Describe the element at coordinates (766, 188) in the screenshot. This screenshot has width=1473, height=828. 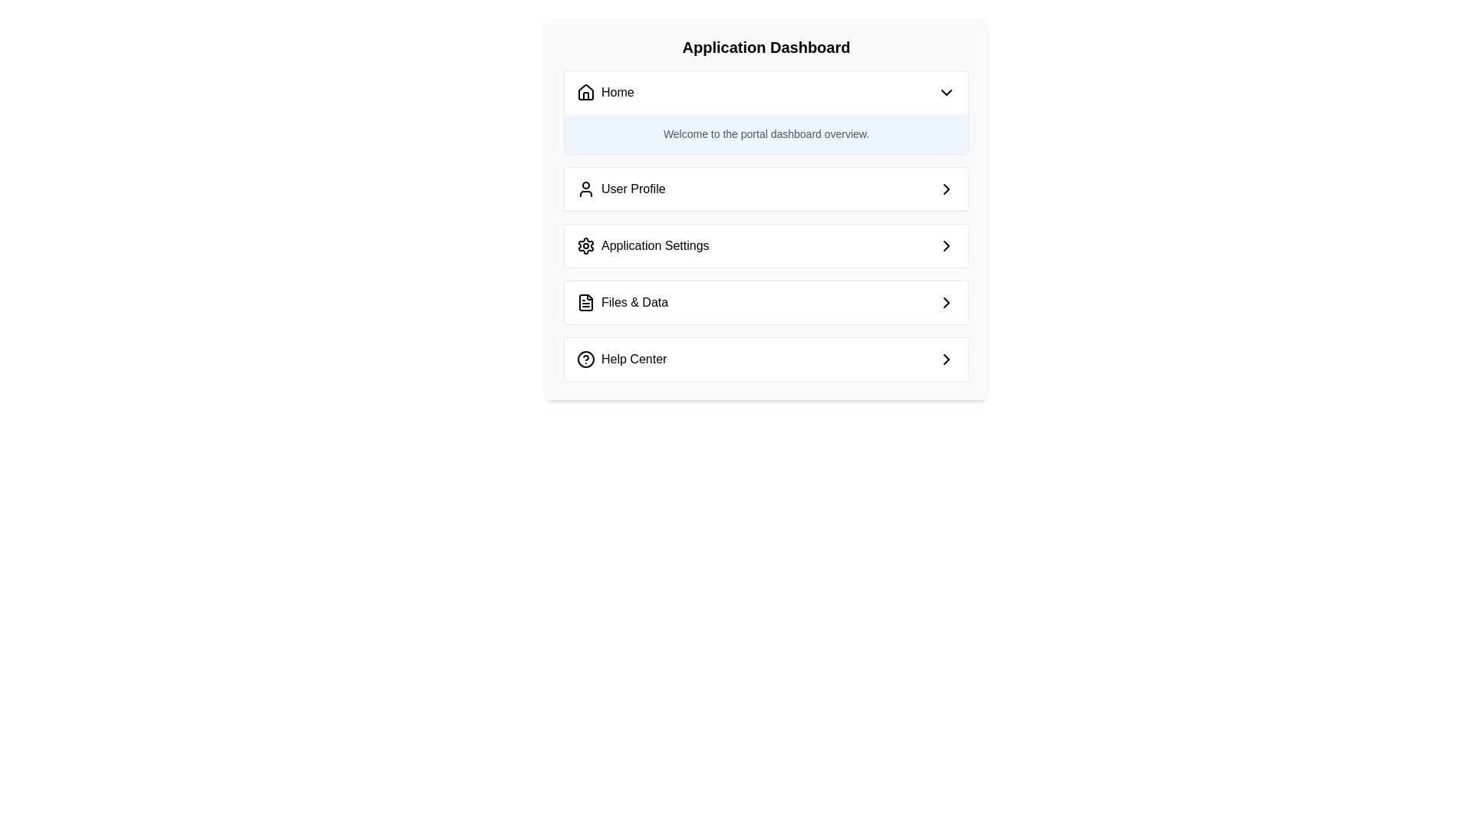
I see `the 'User Profile' Button-like link located in the second slot of the vertical list on the 'Application Dashboard', positioned between 'Home' and 'Application Settings'` at that location.